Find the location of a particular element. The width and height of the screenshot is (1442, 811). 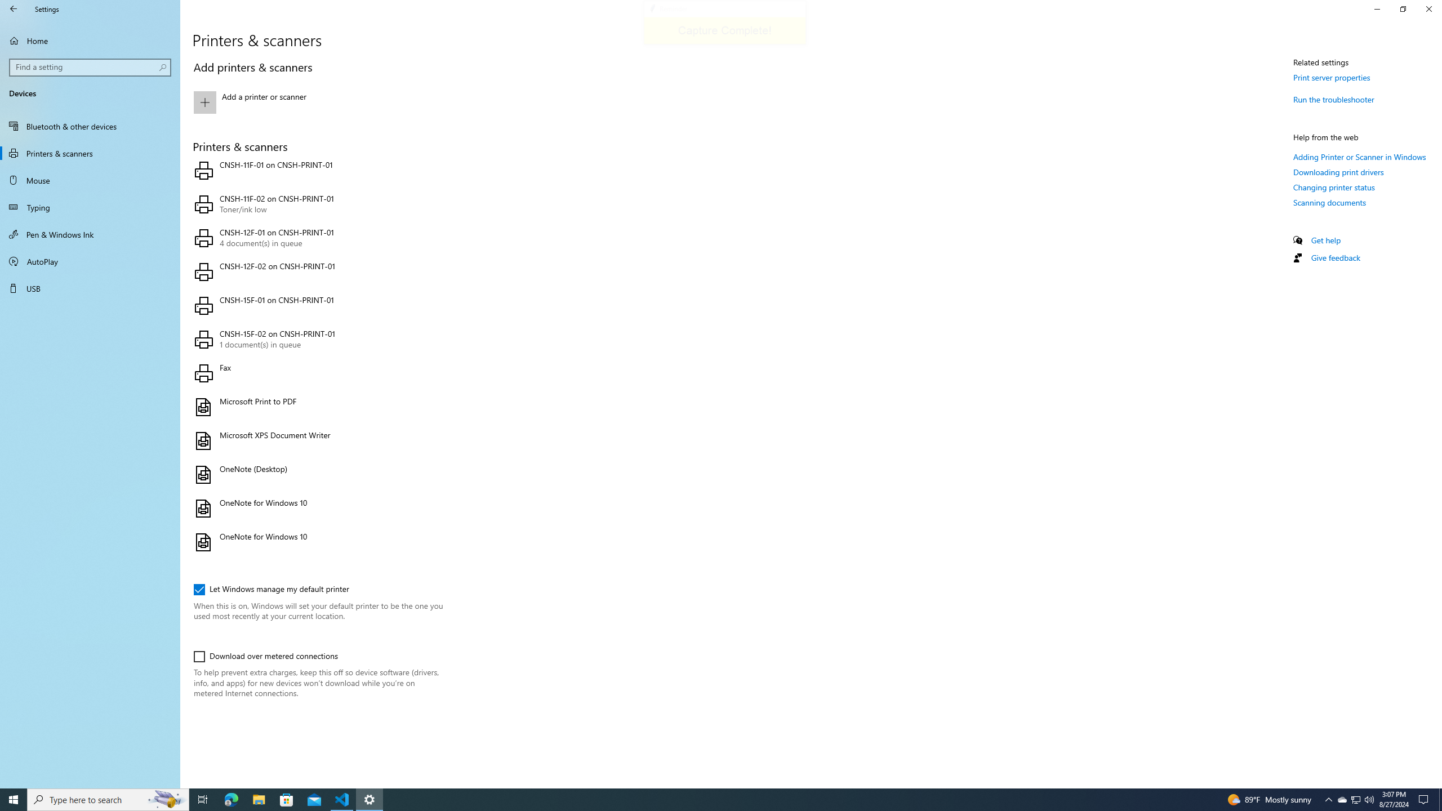

'Pen & Windows Ink' is located at coordinates (90, 234).